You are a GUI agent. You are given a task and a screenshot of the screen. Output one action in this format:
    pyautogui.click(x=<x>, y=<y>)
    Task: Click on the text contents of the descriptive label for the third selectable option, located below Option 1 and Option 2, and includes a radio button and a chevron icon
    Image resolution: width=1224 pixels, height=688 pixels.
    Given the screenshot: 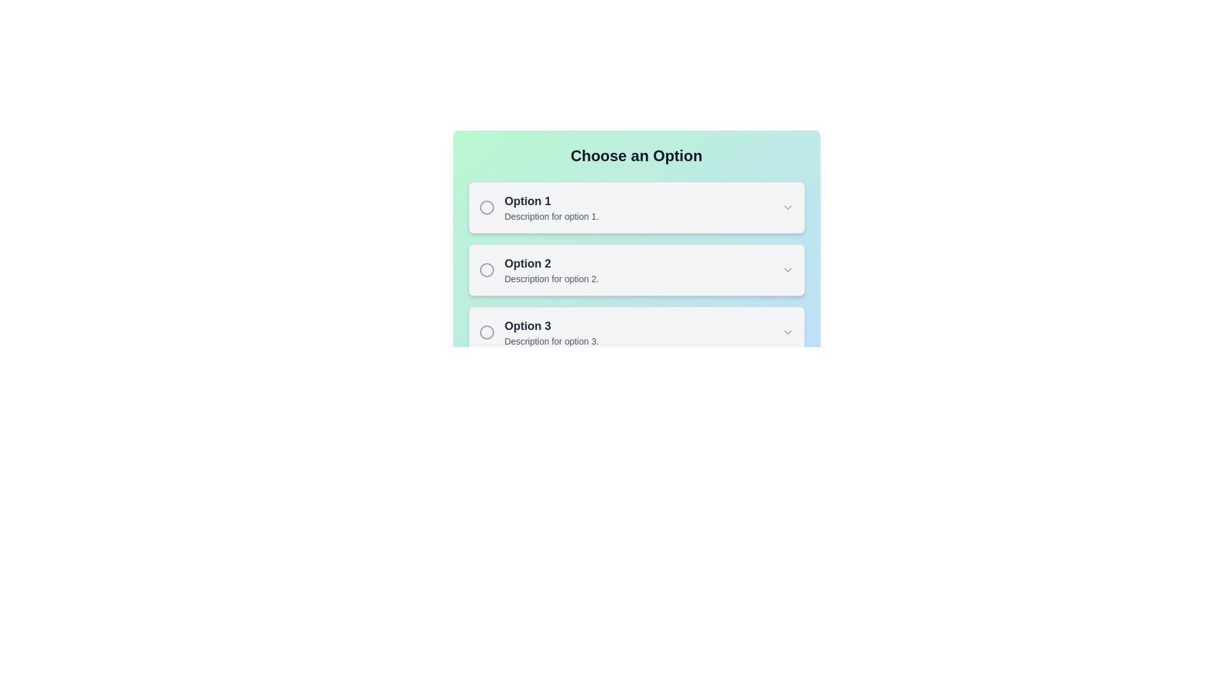 What is the action you would take?
    pyautogui.click(x=551, y=331)
    